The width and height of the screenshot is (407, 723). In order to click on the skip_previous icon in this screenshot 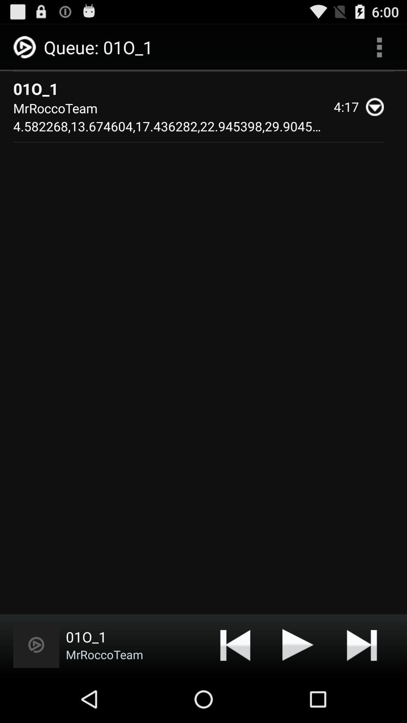, I will do `click(235, 690)`.